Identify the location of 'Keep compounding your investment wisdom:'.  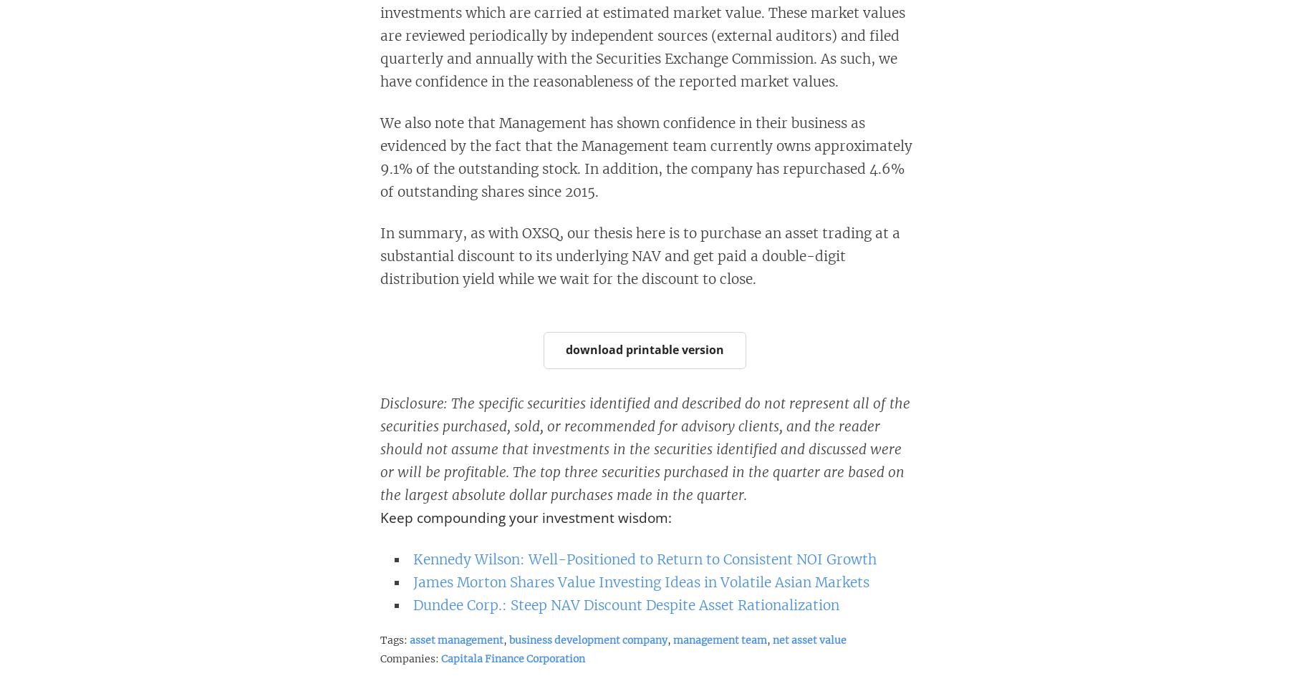
(524, 517).